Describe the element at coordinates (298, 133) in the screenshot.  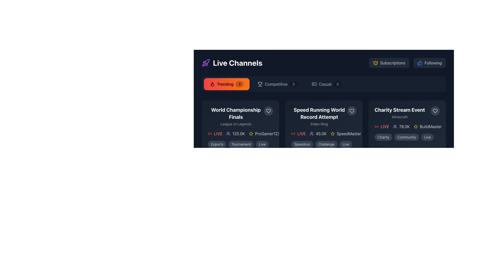
I see `the label indicating the current streaming status of the 'Speed Running World Record Attempt' event, located beside the viewer count label '45.0K'` at that location.